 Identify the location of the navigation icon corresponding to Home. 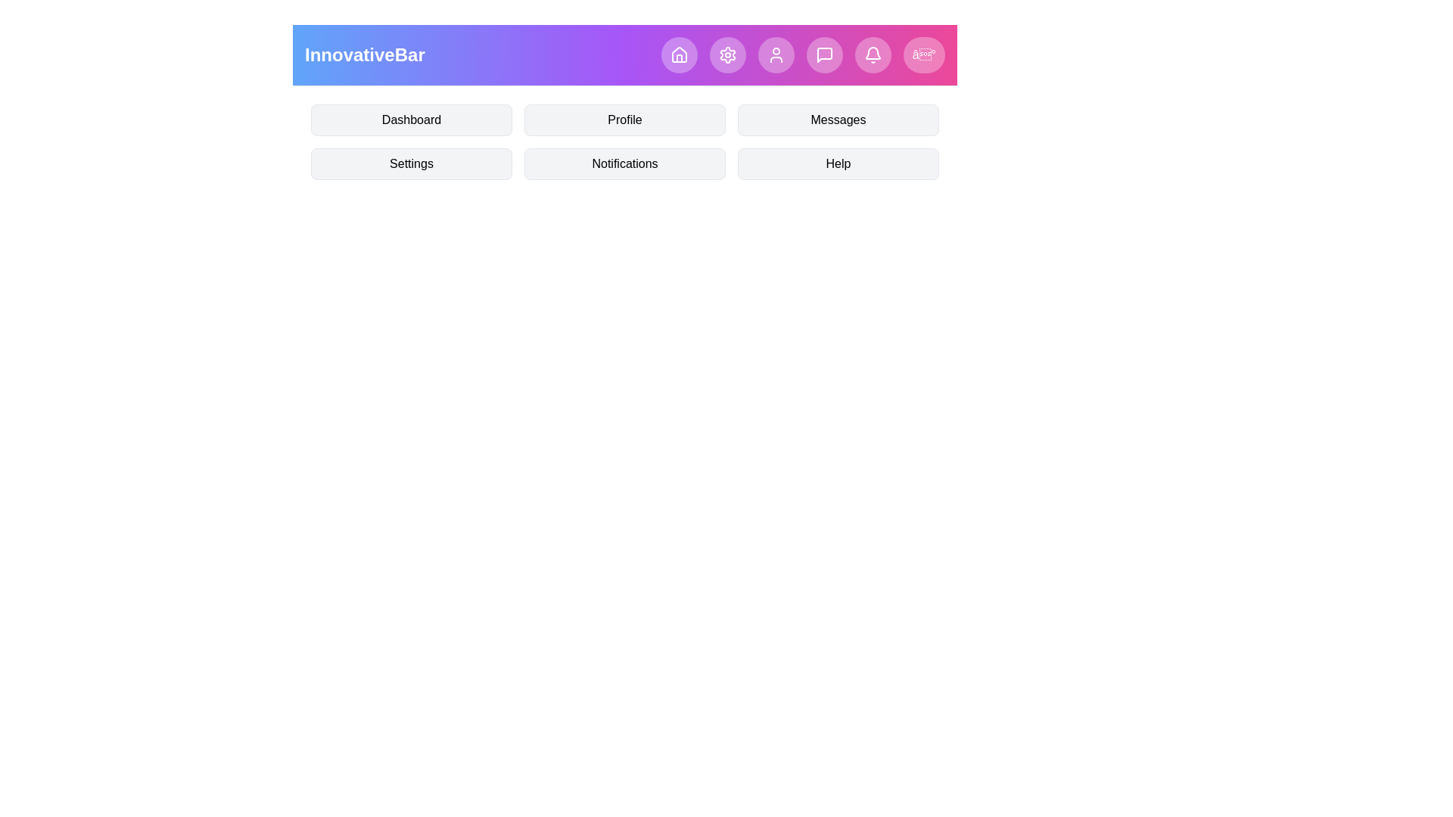
(678, 54).